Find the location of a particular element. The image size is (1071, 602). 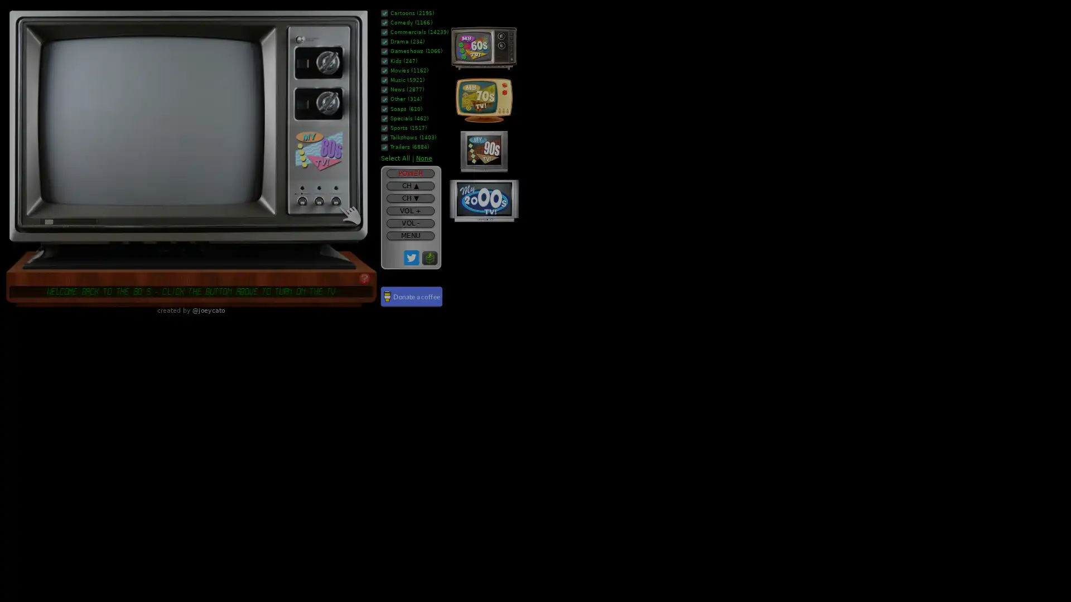

VOL - is located at coordinates (409, 223).